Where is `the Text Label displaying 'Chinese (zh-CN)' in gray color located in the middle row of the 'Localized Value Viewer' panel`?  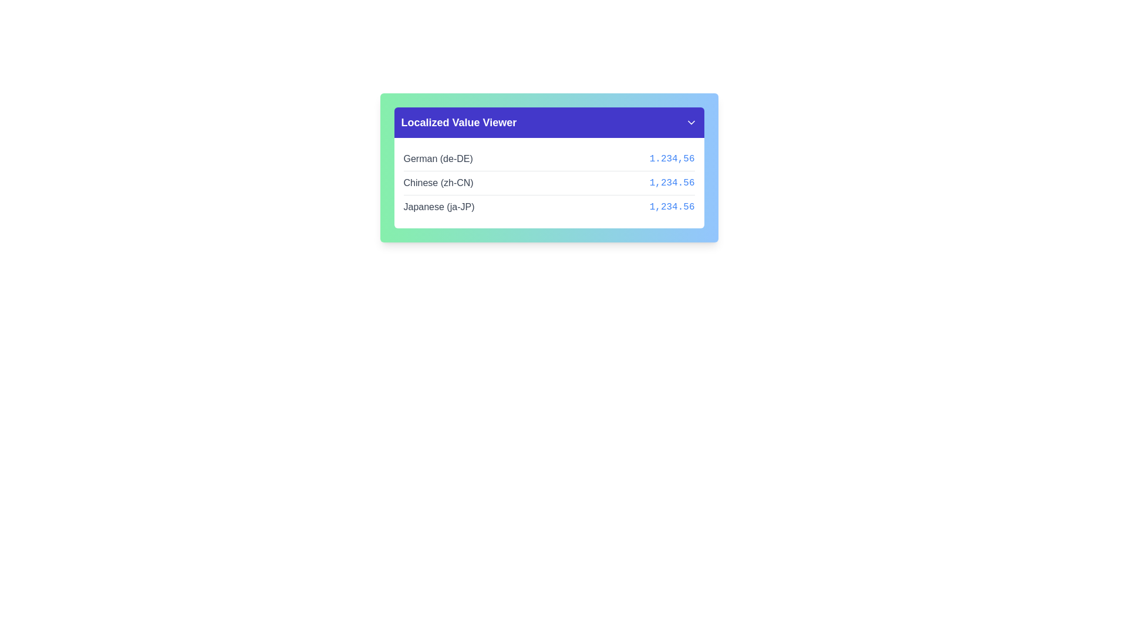
the Text Label displaying 'Chinese (zh-CN)' in gray color located in the middle row of the 'Localized Value Viewer' panel is located at coordinates (438, 183).